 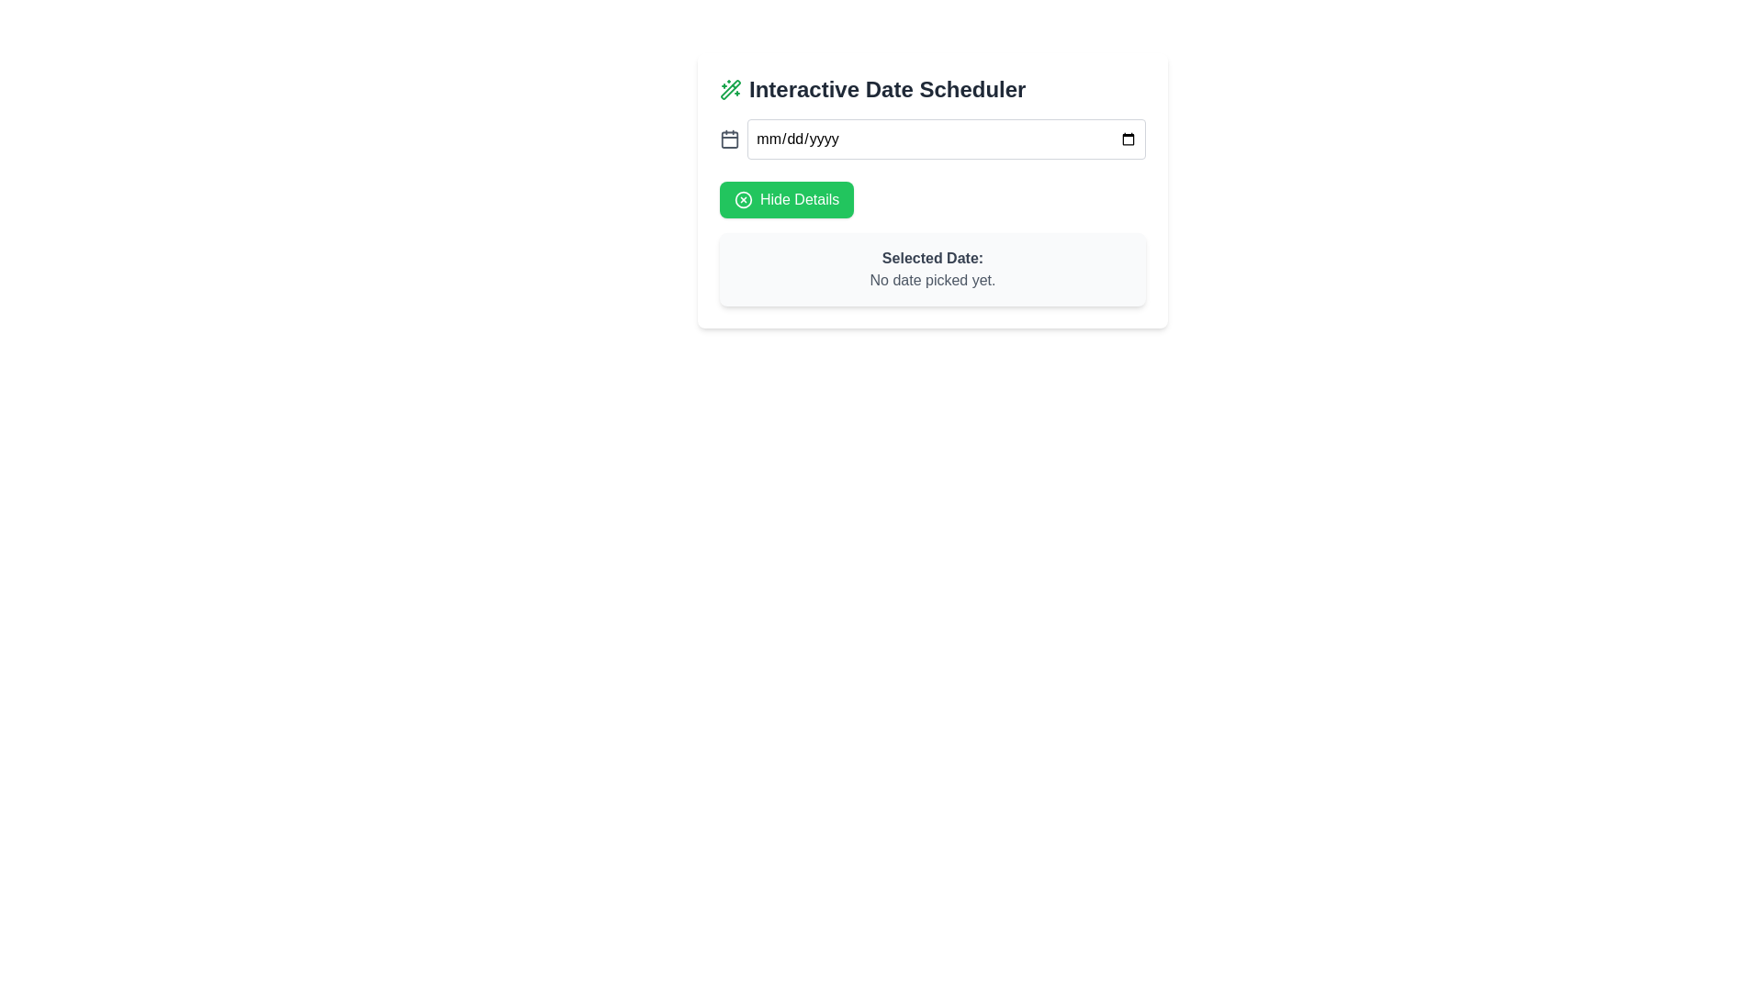 What do you see at coordinates (729, 138) in the screenshot?
I see `the calendar icon located to the left of the date input box, which has a gray fill and rounded corners` at bounding box center [729, 138].